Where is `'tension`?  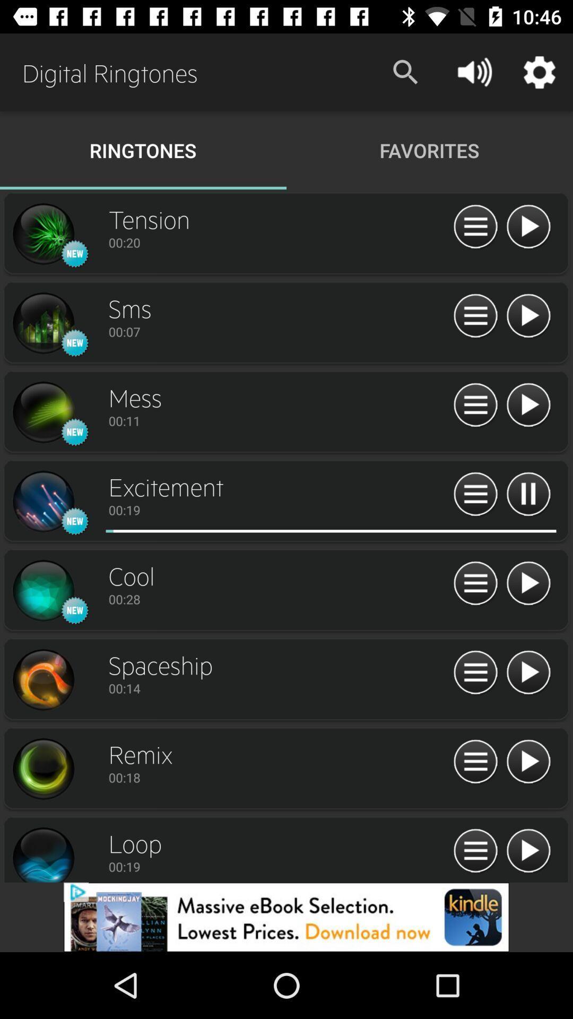 'tension is located at coordinates (528, 227).